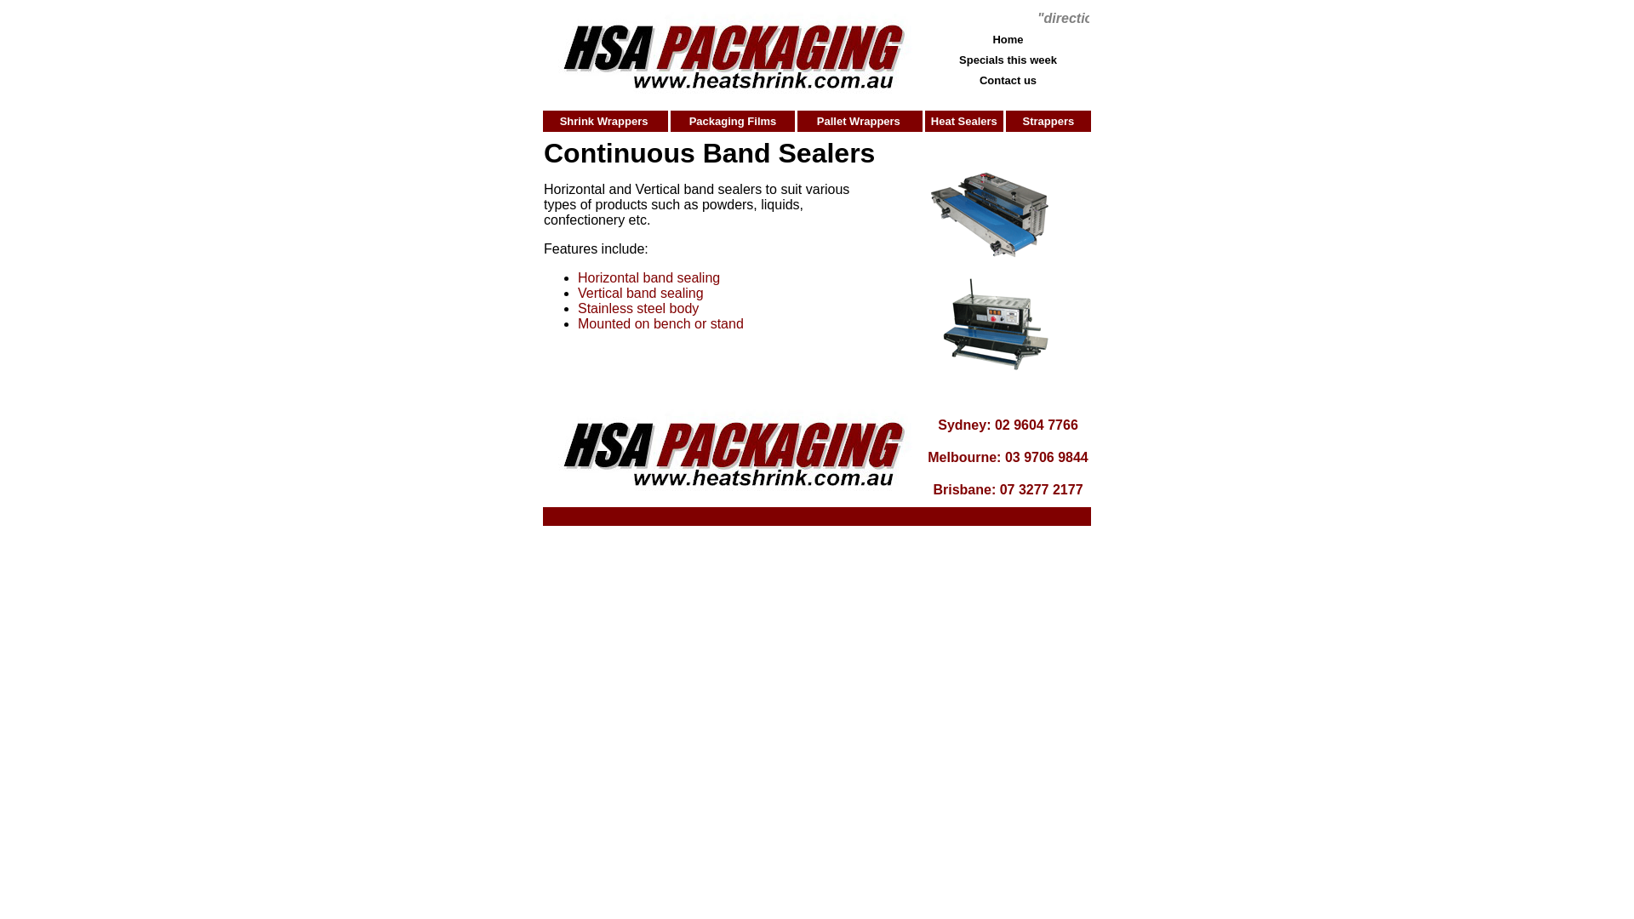 The image size is (1634, 919). I want to click on 'Specials this week', so click(1008, 59).